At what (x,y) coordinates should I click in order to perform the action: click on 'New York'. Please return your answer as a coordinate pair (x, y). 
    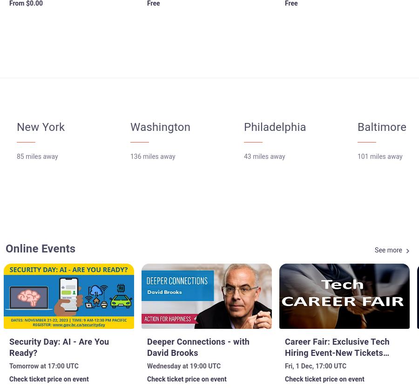
    Looking at the image, I should click on (16, 127).